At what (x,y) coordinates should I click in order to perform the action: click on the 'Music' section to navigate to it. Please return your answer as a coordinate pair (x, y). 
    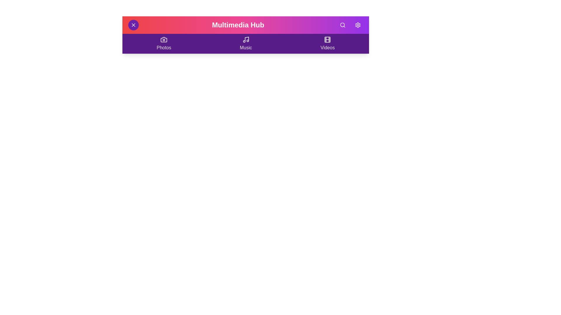
    Looking at the image, I should click on (245, 43).